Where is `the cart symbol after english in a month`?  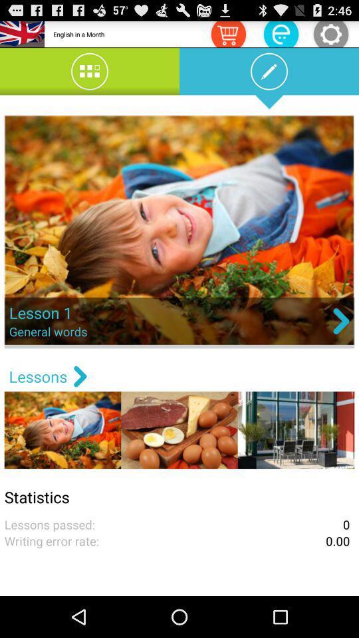
the cart symbol after english in a month is located at coordinates (227, 33).